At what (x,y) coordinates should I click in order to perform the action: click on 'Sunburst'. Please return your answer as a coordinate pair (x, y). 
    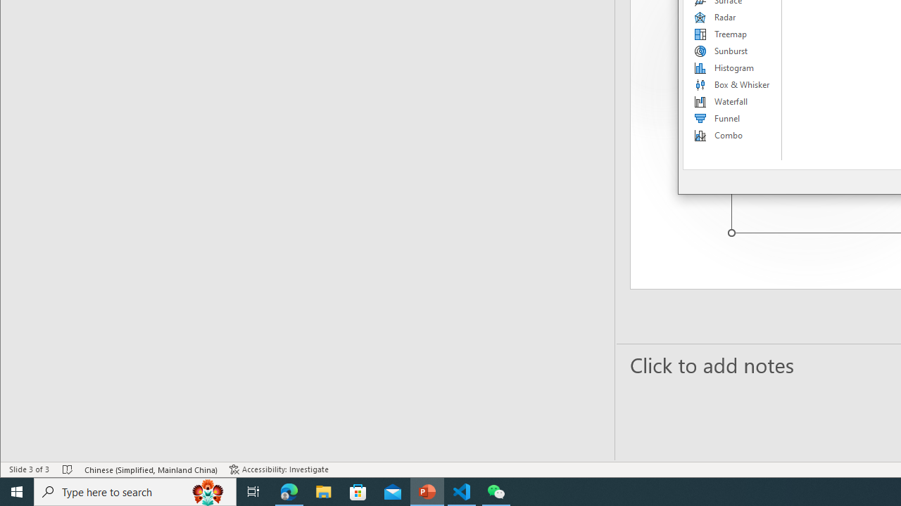
    Looking at the image, I should click on (732, 51).